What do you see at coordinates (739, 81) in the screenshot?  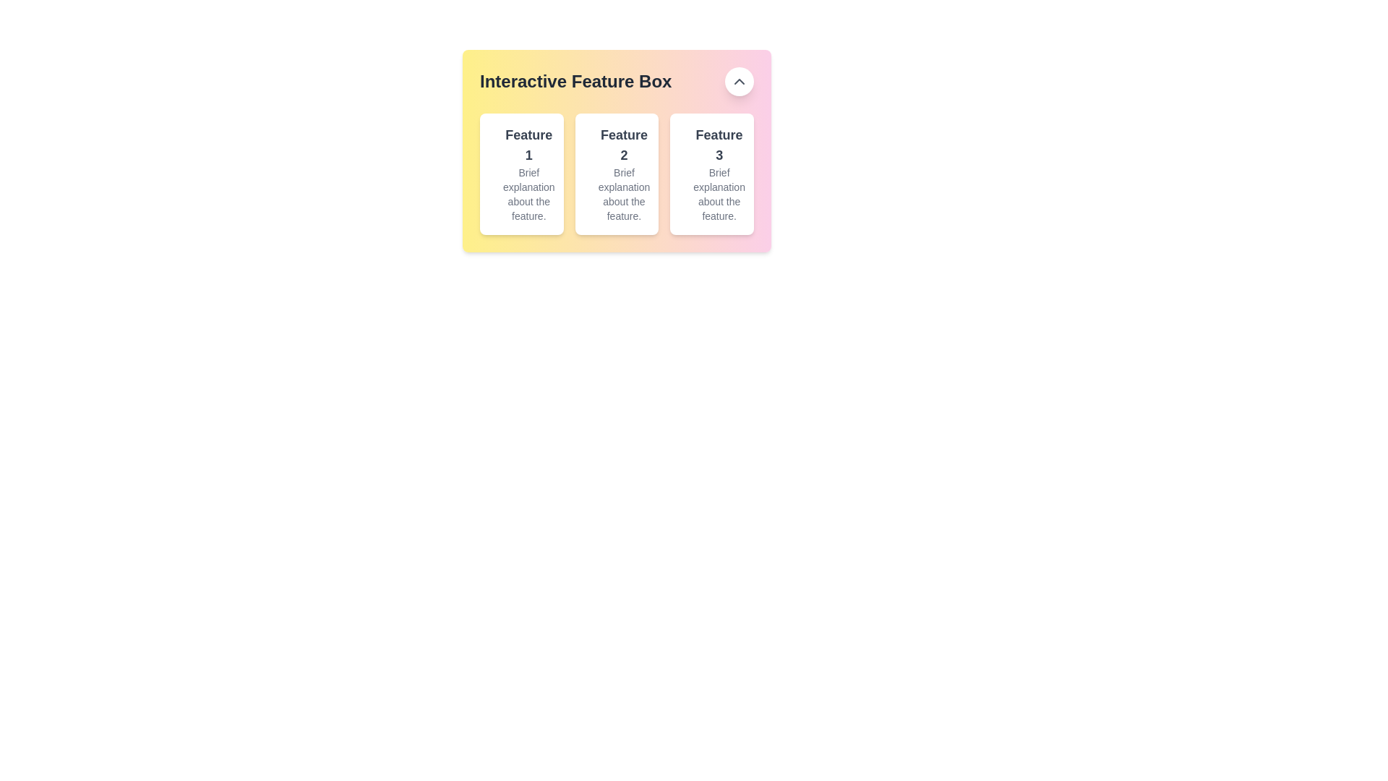 I see `the circular button with a white background and upward-pointing chevron icon in gray color, located in the top-right corner of the 'Interactive Feature Box'` at bounding box center [739, 81].